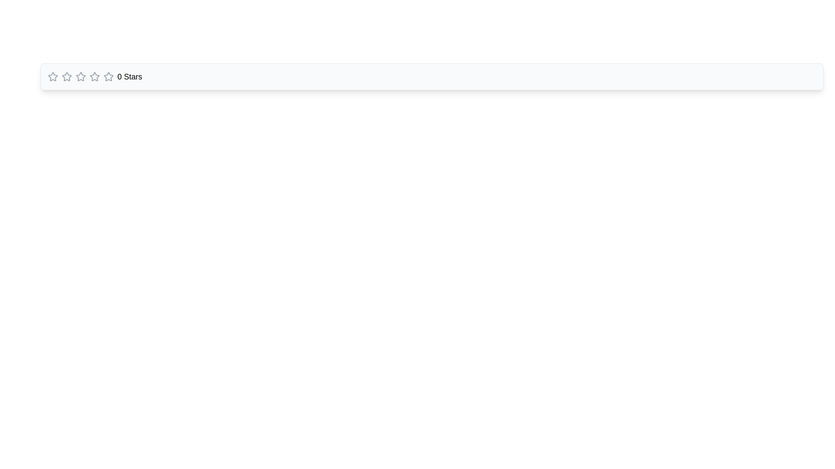 The height and width of the screenshot is (469, 835). What do you see at coordinates (94, 76) in the screenshot?
I see `the third star icon from the left in the horizontal row to rate` at bounding box center [94, 76].